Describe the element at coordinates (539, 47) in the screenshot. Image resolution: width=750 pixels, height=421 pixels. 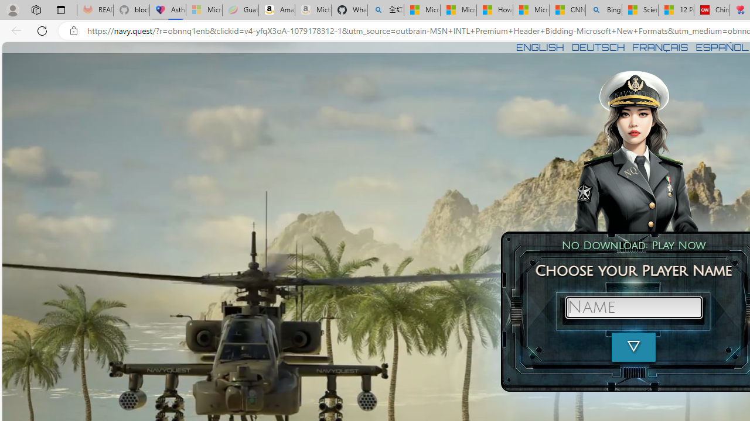
I see `'ENGLISH'` at that location.